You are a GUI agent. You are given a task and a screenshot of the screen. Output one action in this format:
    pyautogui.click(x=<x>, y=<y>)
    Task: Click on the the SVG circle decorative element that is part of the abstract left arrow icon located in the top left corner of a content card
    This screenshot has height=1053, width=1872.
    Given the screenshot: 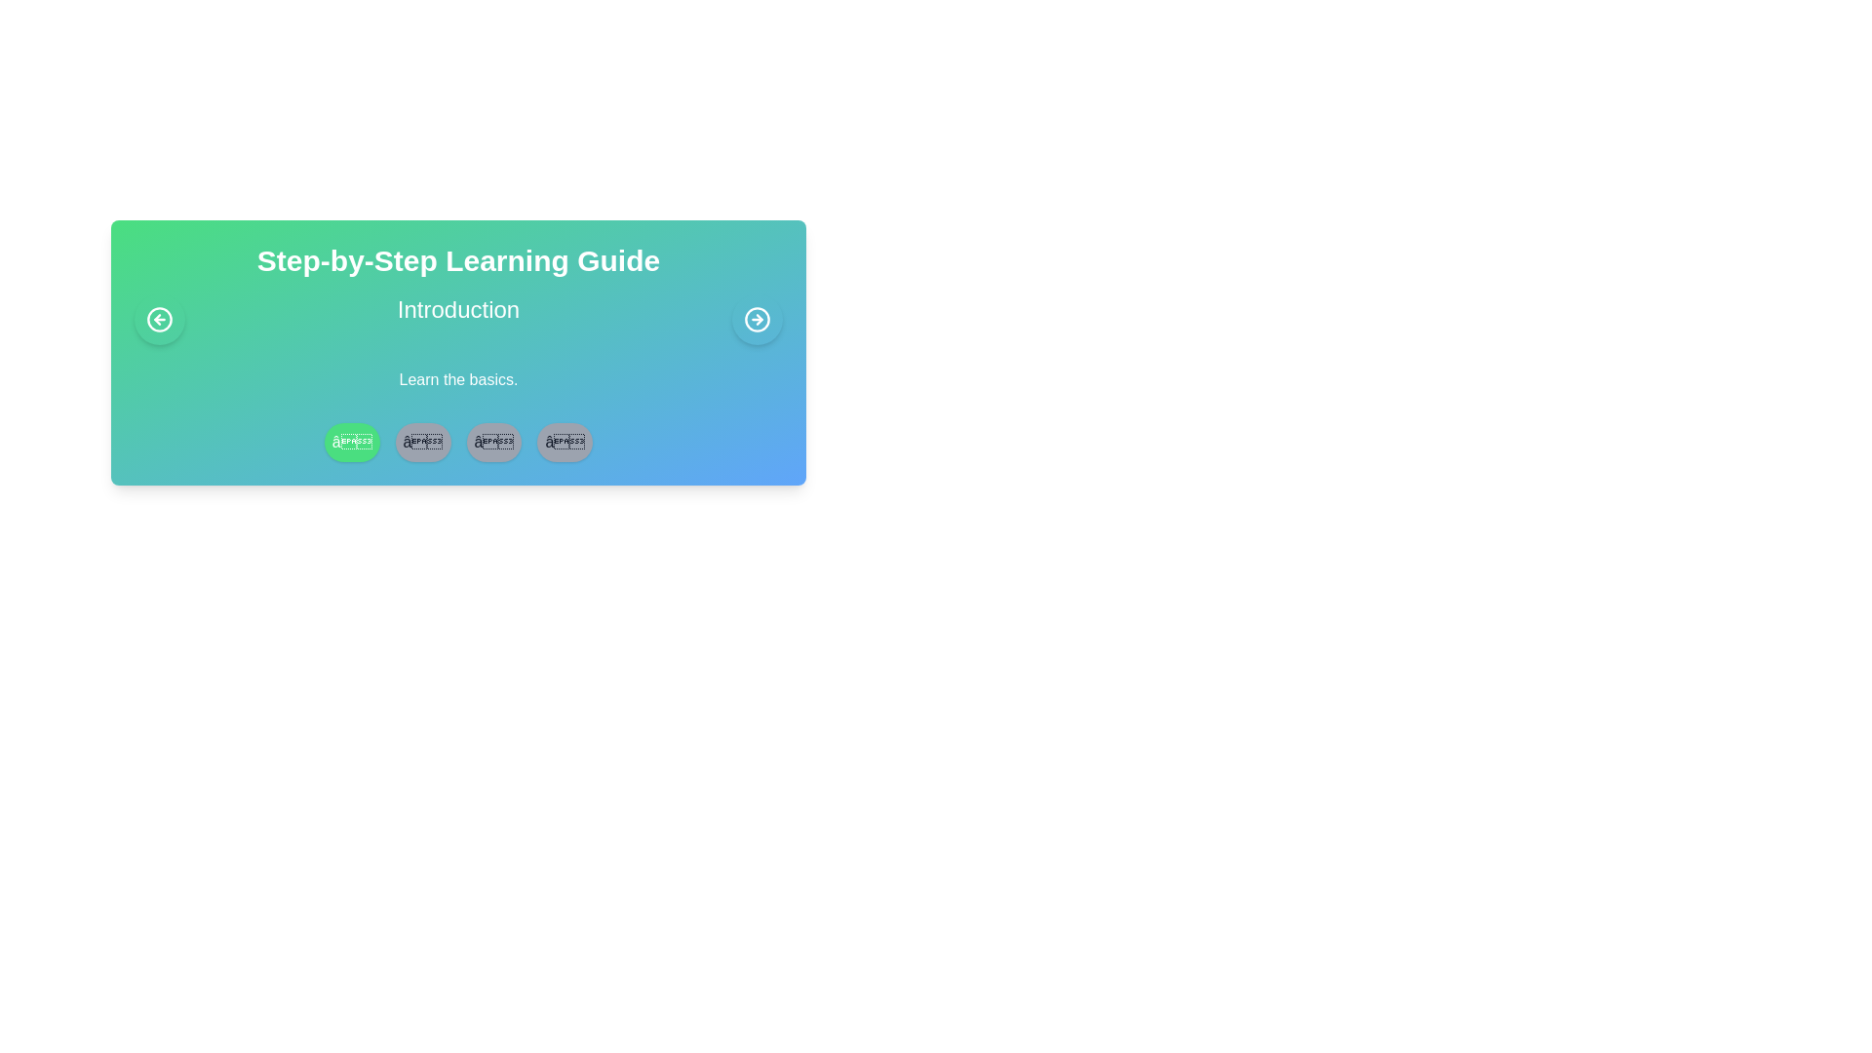 What is the action you would take?
    pyautogui.click(x=159, y=318)
    